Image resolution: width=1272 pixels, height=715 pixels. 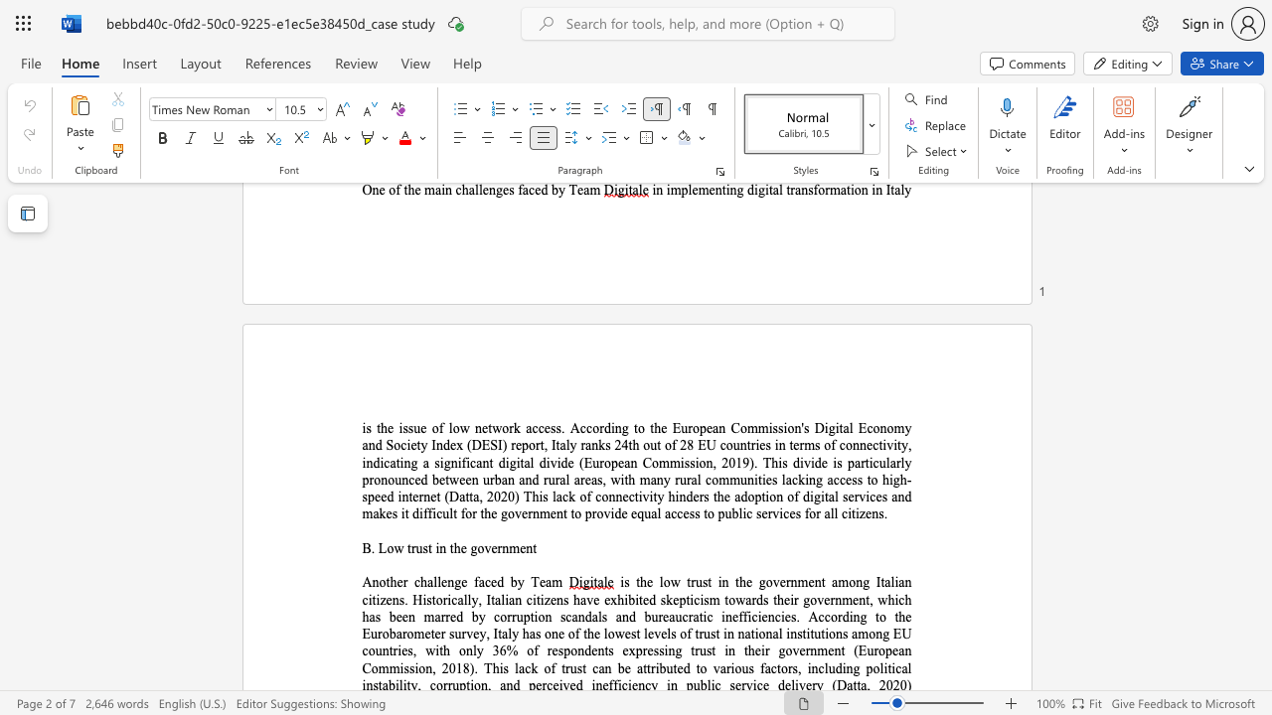 I want to click on the 3th character "l" in the text, so click(x=901, y=190).